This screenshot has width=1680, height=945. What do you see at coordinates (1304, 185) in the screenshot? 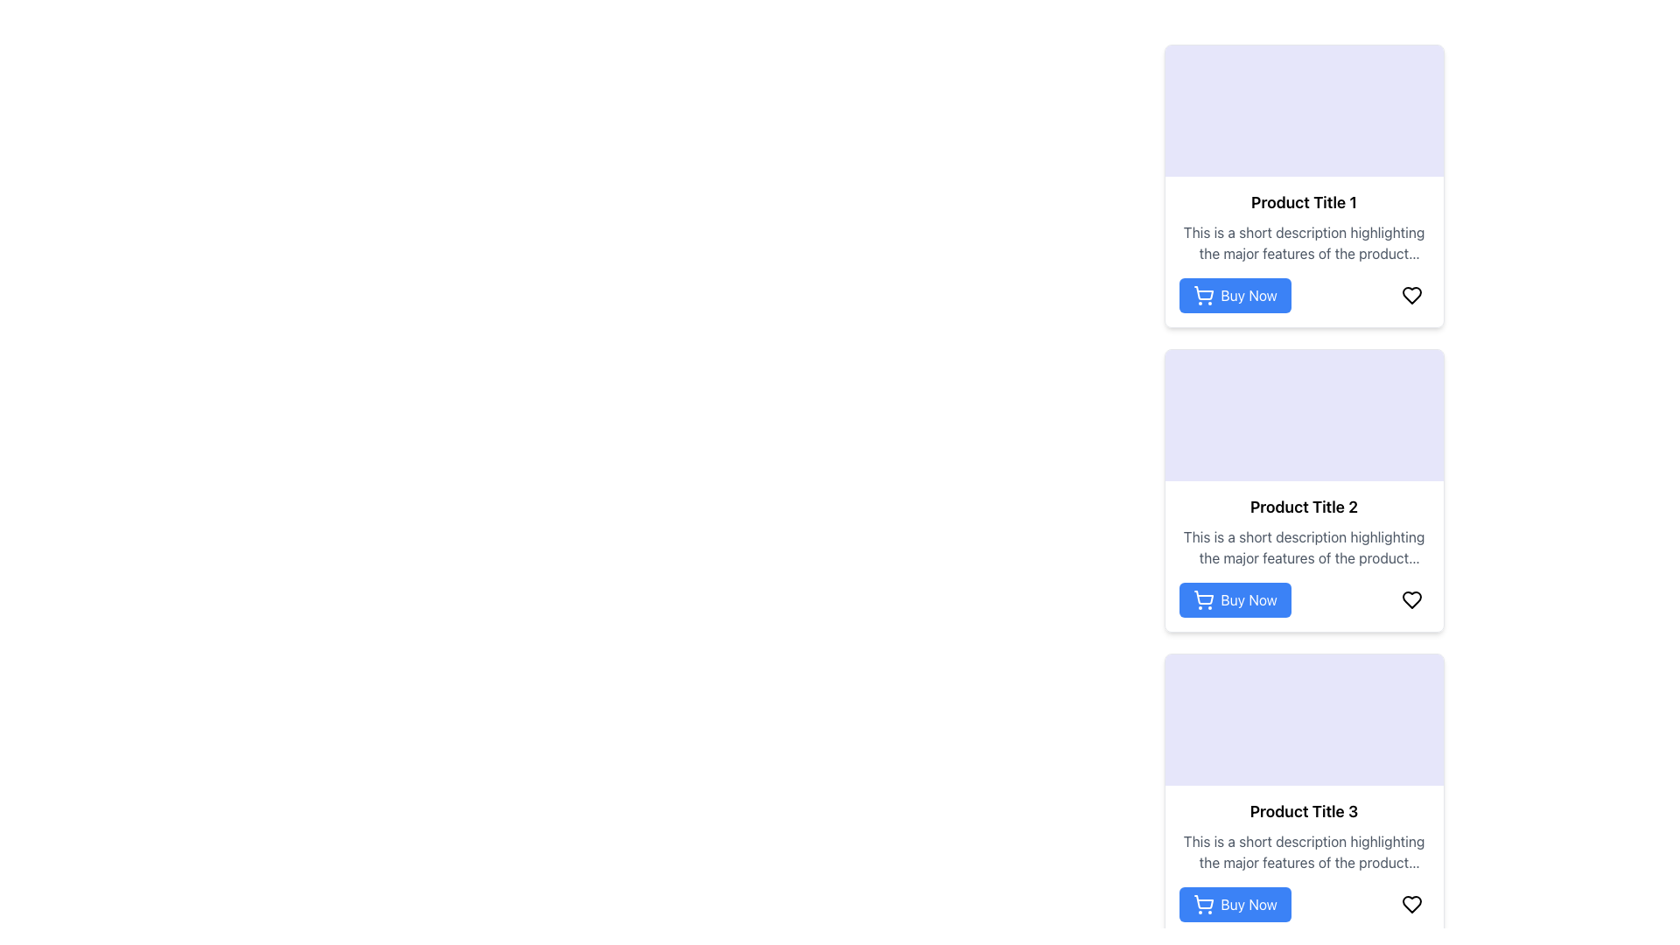
I see `the first product card in the vertically arranged list, which displays the product's image, title, description, and interactive buttons for purchasing or liking the product` at bounding box center [1304, 185].